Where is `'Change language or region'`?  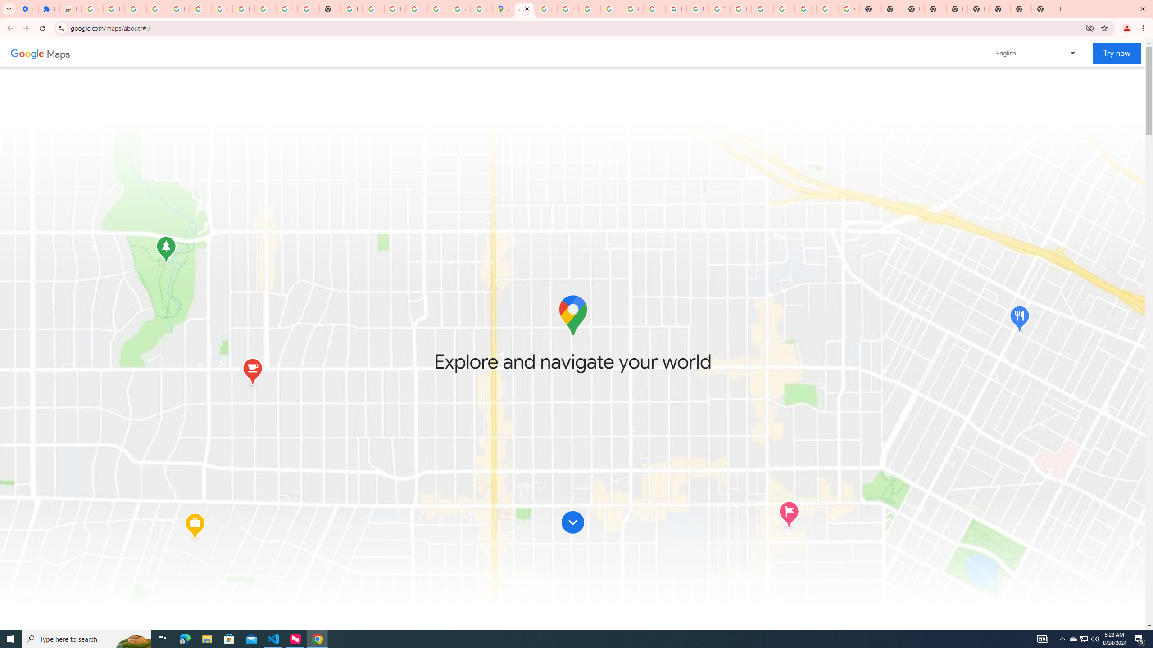
'Change language or region' is located at coordinates (1036, 53).